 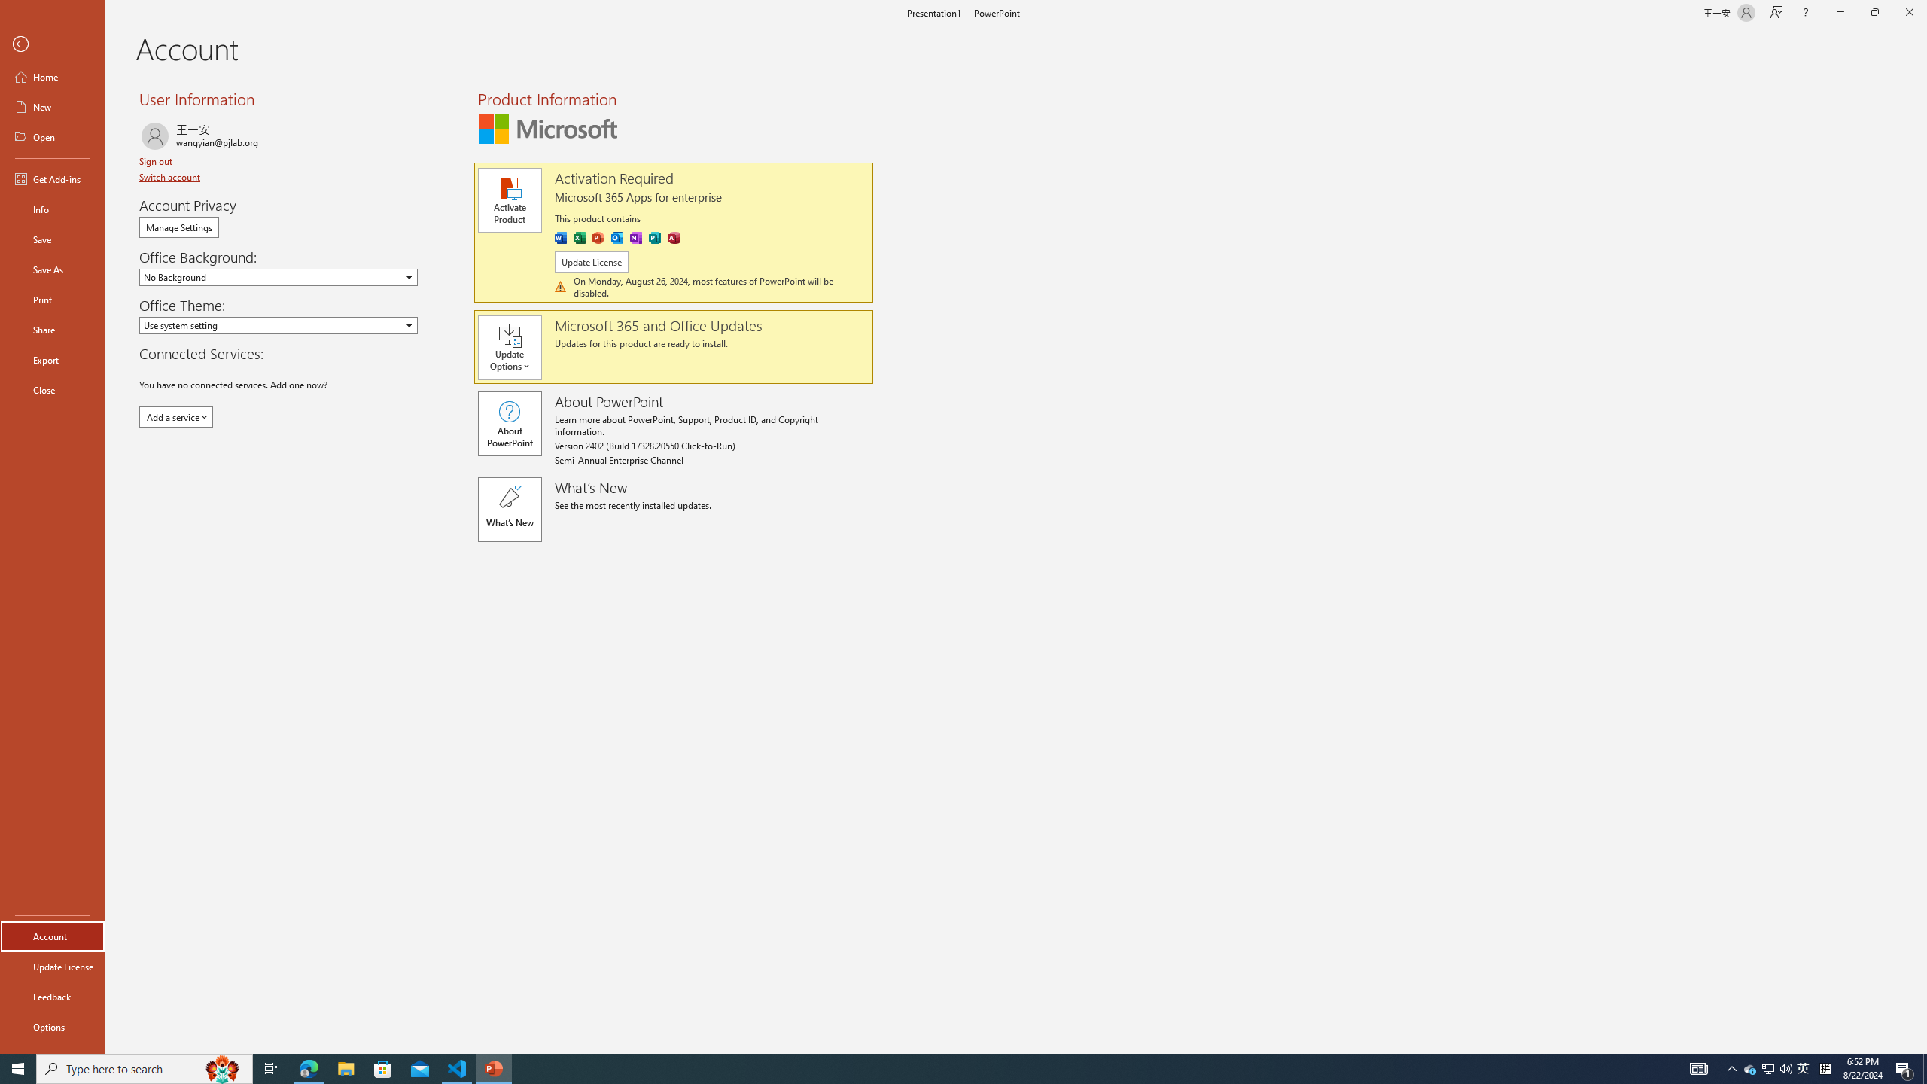 What do you see at coordinates (156, 161) in the screenshot?
I see `'Sign out'` at bounding box center [156, 161].